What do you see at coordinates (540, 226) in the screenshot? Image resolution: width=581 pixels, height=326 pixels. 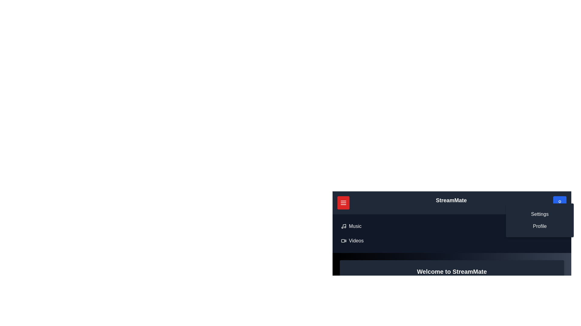 I see `the 'Profile' option in the profile menu` at bounding box center [540, 226].